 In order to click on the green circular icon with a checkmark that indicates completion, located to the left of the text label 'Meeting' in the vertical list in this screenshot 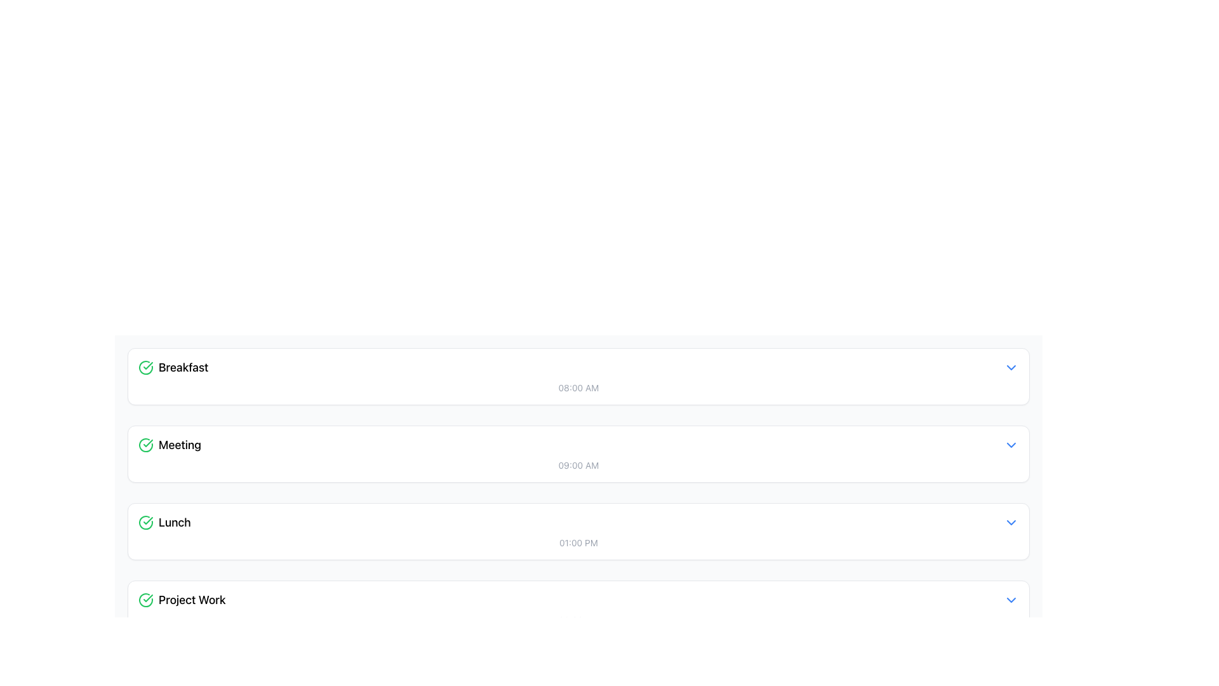, I will do `click(146, 445)`.